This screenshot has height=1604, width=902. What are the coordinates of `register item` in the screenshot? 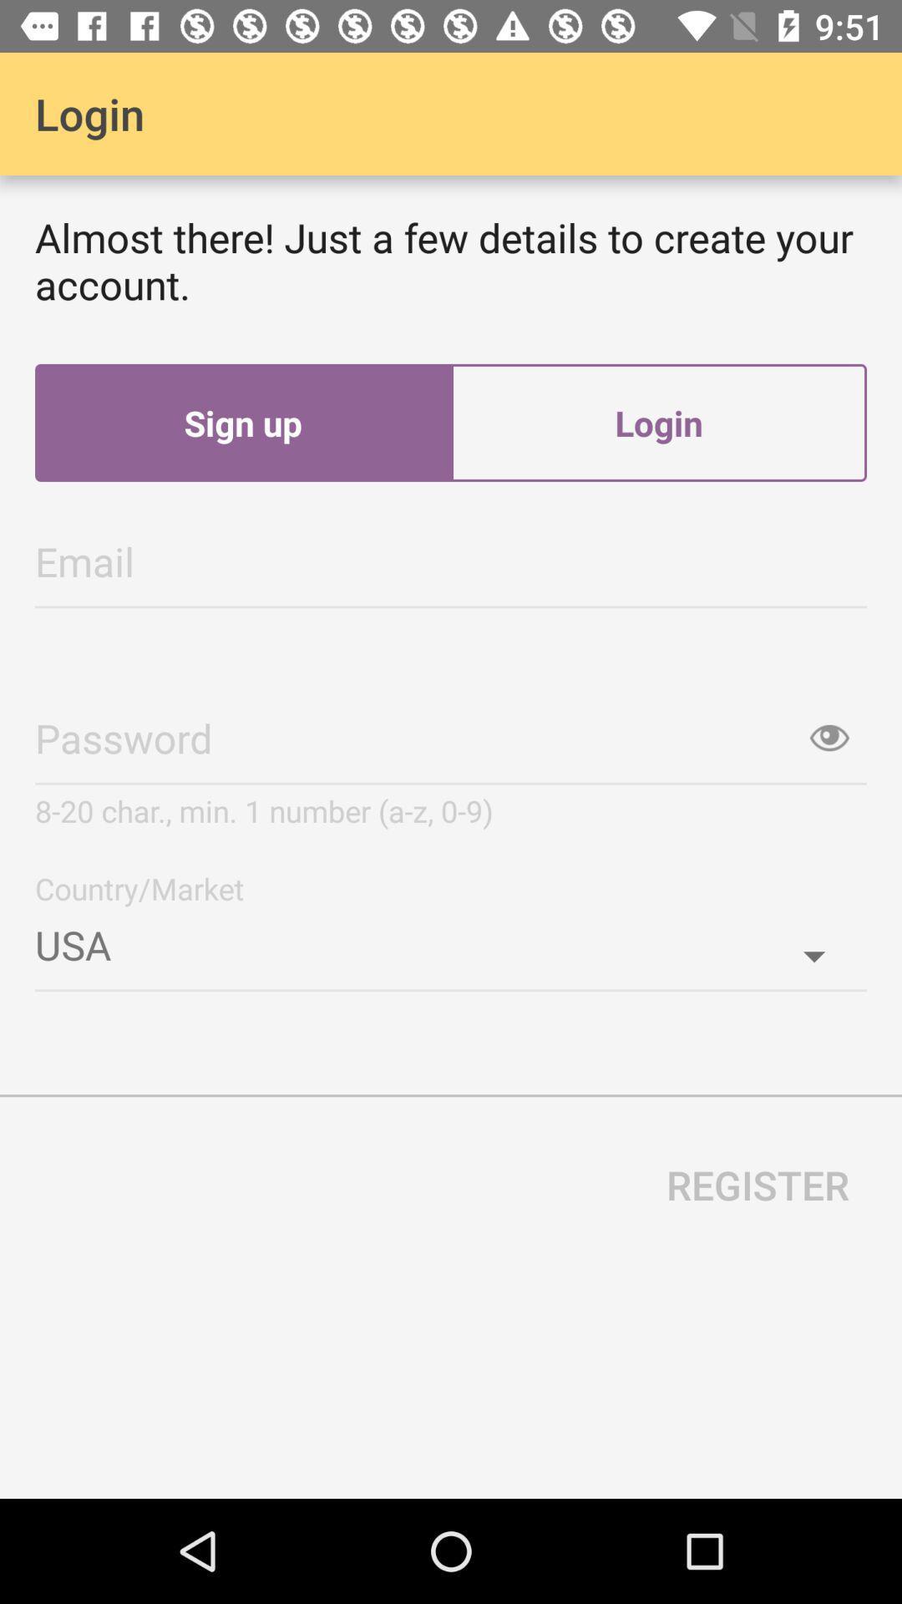 It's located at (758, 1184).